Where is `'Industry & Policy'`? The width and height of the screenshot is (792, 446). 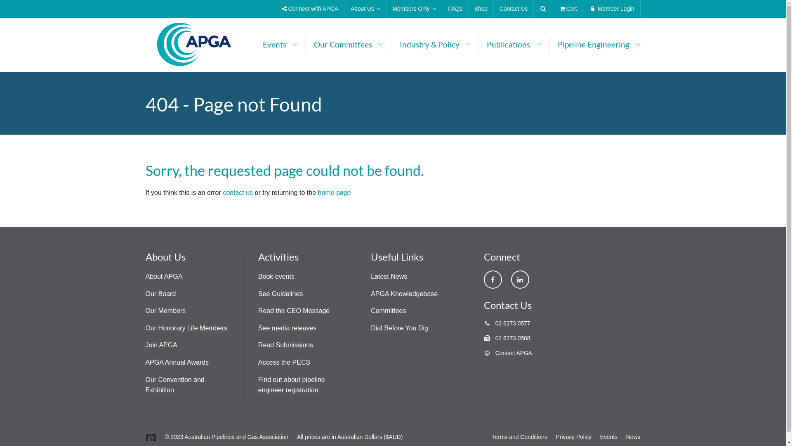
'Industry & Policy' is located at coordinates (434, 45).